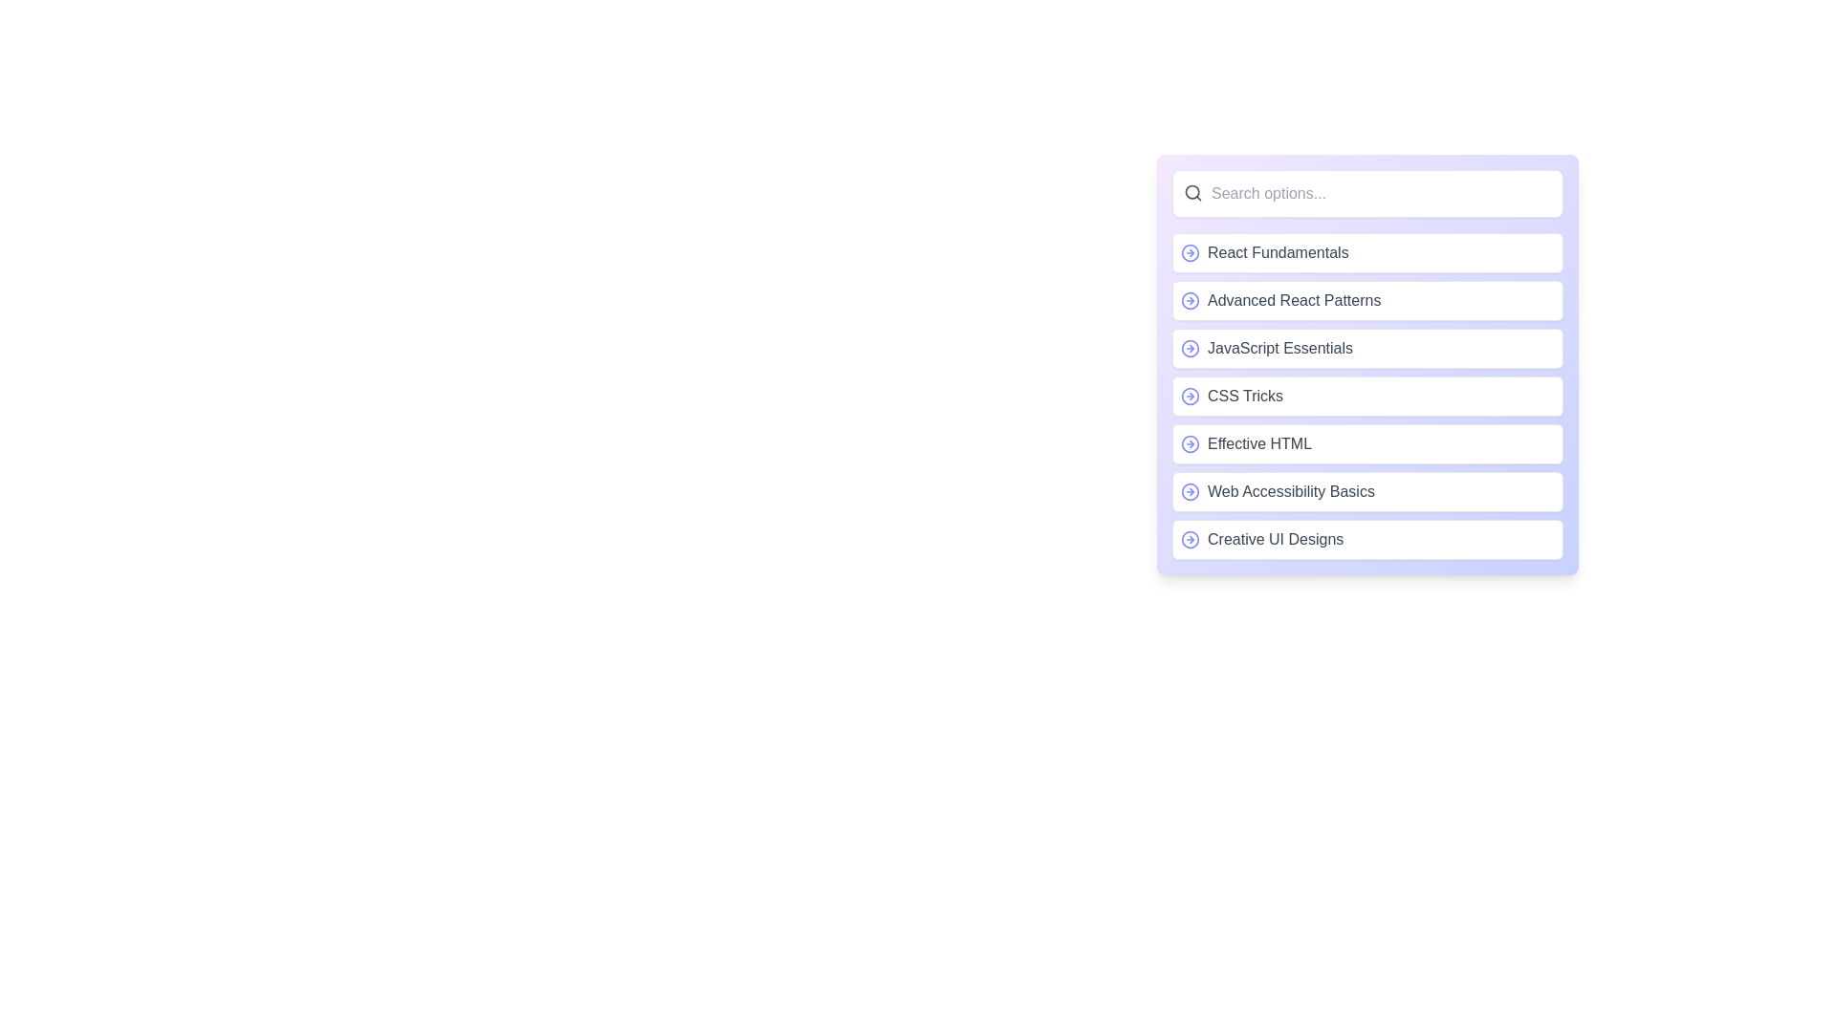 The height and width of the screenshot is (1032, 1836). Describe the element at coordinates (1189, 252) in the screenshot. I see `the 'circle-arrow-right' icon next to the 'React Fundamentals' text for accessibility navigation` at that location.